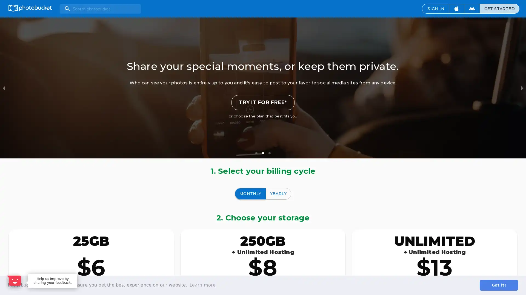 This screenshot has width=526, height=295. What do you see at coordinates (499, 285) in the screenshot?
I see `dismiss cookie message` at bounding box center [499, 285].